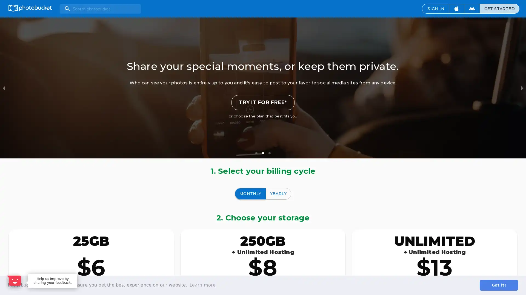 This screenshot has width=526, height=295. What do you see at coordinates (499, 285) in the screenshot?
I see `dismiss cookie message` at bounding box center [499, 285].